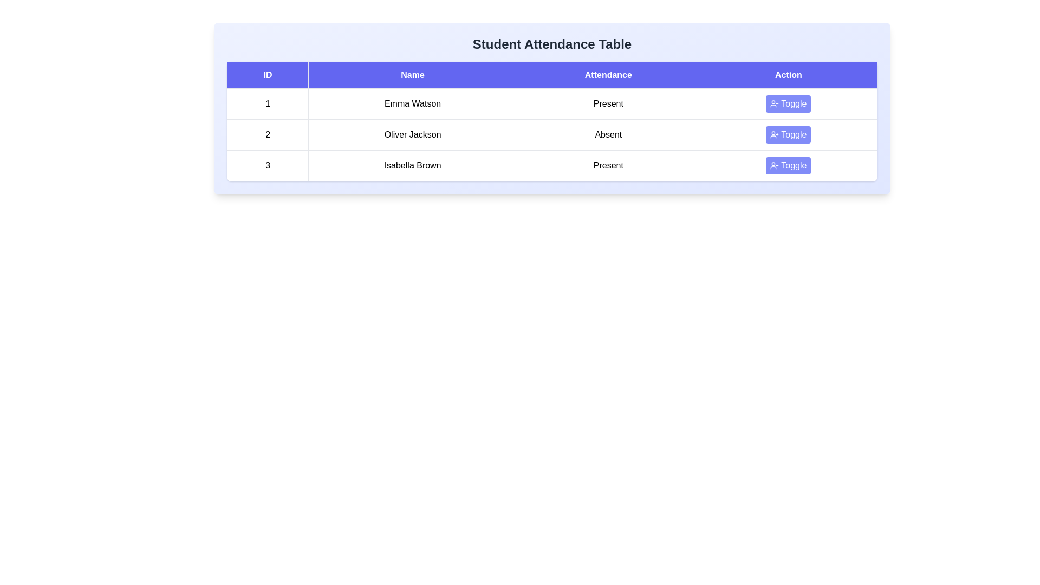 Image resolution: width=1040 pixels, height=585 pixels. I want to click on the Table Header Cell element labeled 'Name', which has a light blue background and is located between the 'ID' and 'Attendance' cells, so click(412, 74).